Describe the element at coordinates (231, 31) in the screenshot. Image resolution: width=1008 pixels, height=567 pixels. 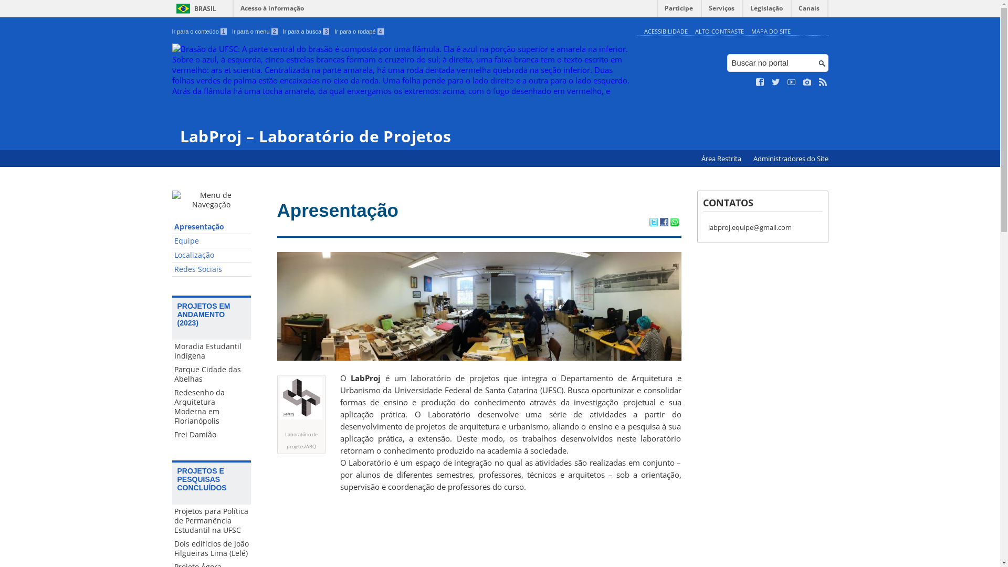
I see `'Ir para o menu 2'` at that location.